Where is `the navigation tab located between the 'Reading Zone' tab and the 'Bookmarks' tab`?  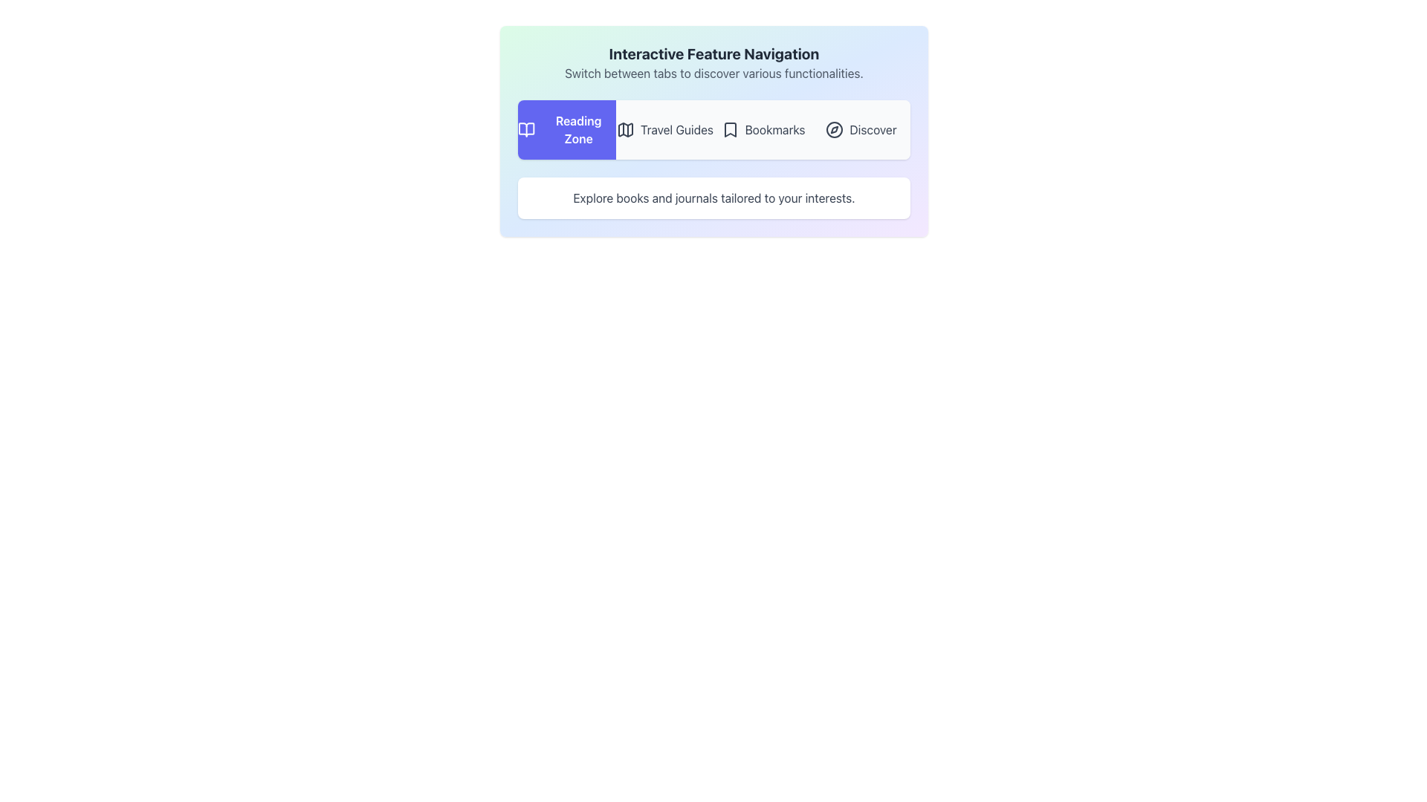
the navigation tab located between the 'Reading Zone' tab and the 'Bookmarks' tab is located at coordinates (713, 128).